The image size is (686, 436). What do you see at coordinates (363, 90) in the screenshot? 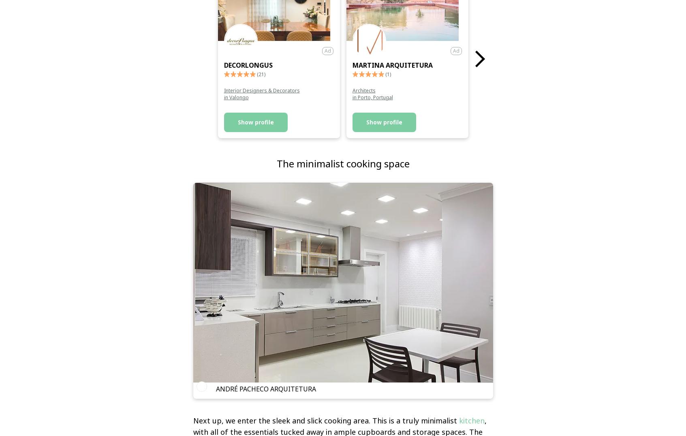
I see `'Architects'` at bounding box center [363, 90].